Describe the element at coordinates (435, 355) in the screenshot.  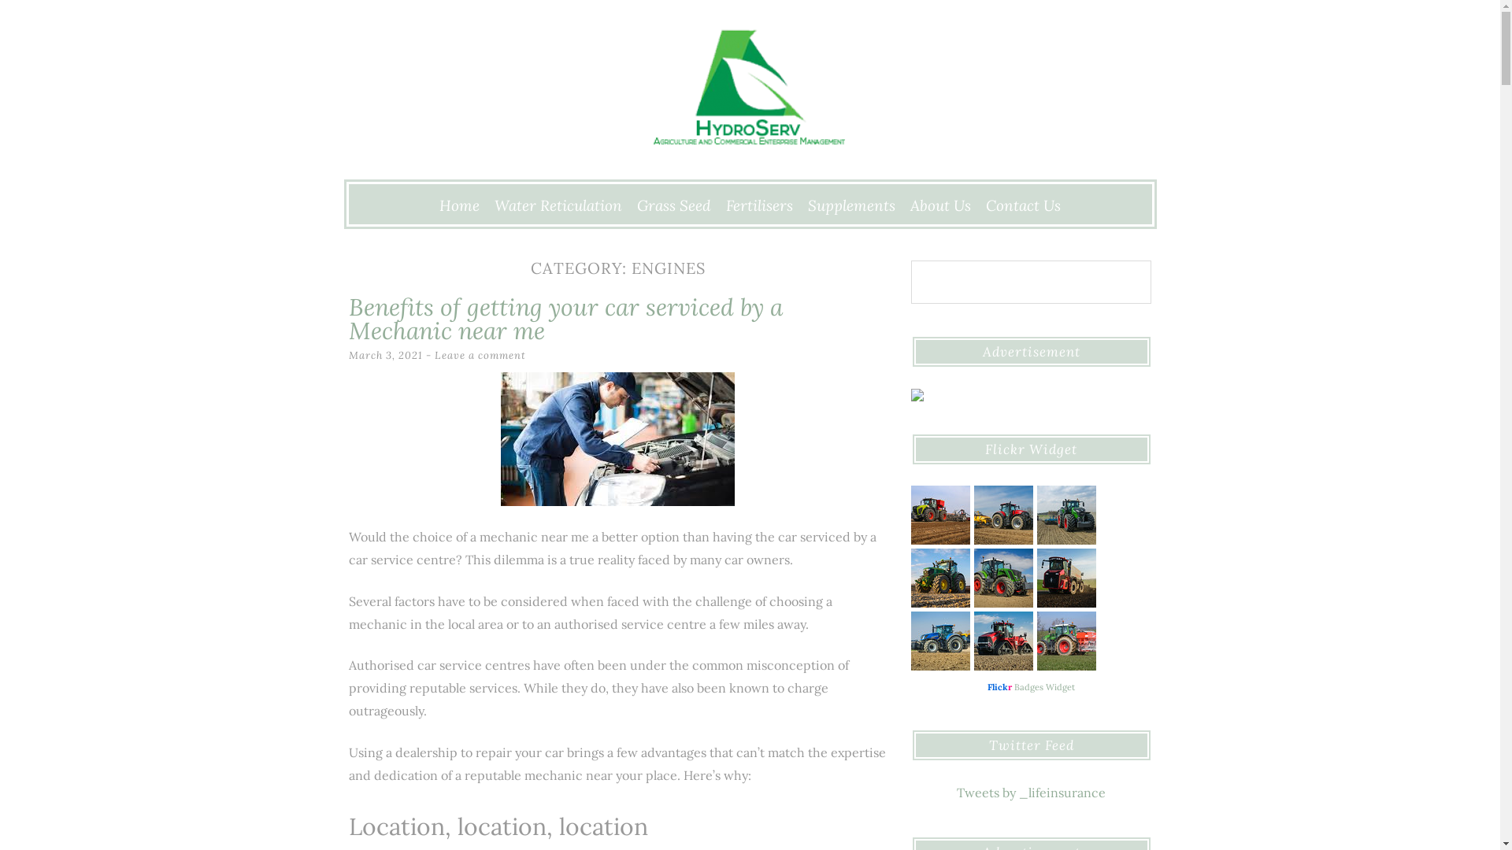
I see `'Leave a comment'` at that location.